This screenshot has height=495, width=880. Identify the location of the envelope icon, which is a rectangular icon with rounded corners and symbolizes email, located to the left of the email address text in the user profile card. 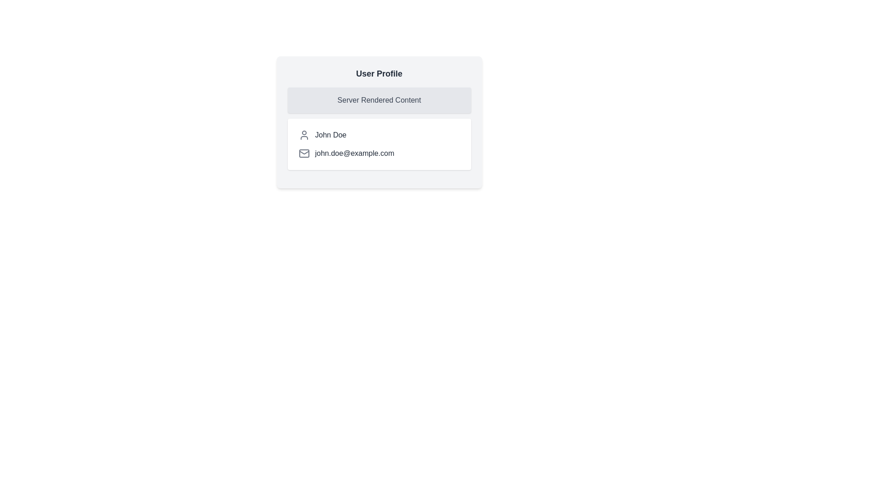
(304, 153).